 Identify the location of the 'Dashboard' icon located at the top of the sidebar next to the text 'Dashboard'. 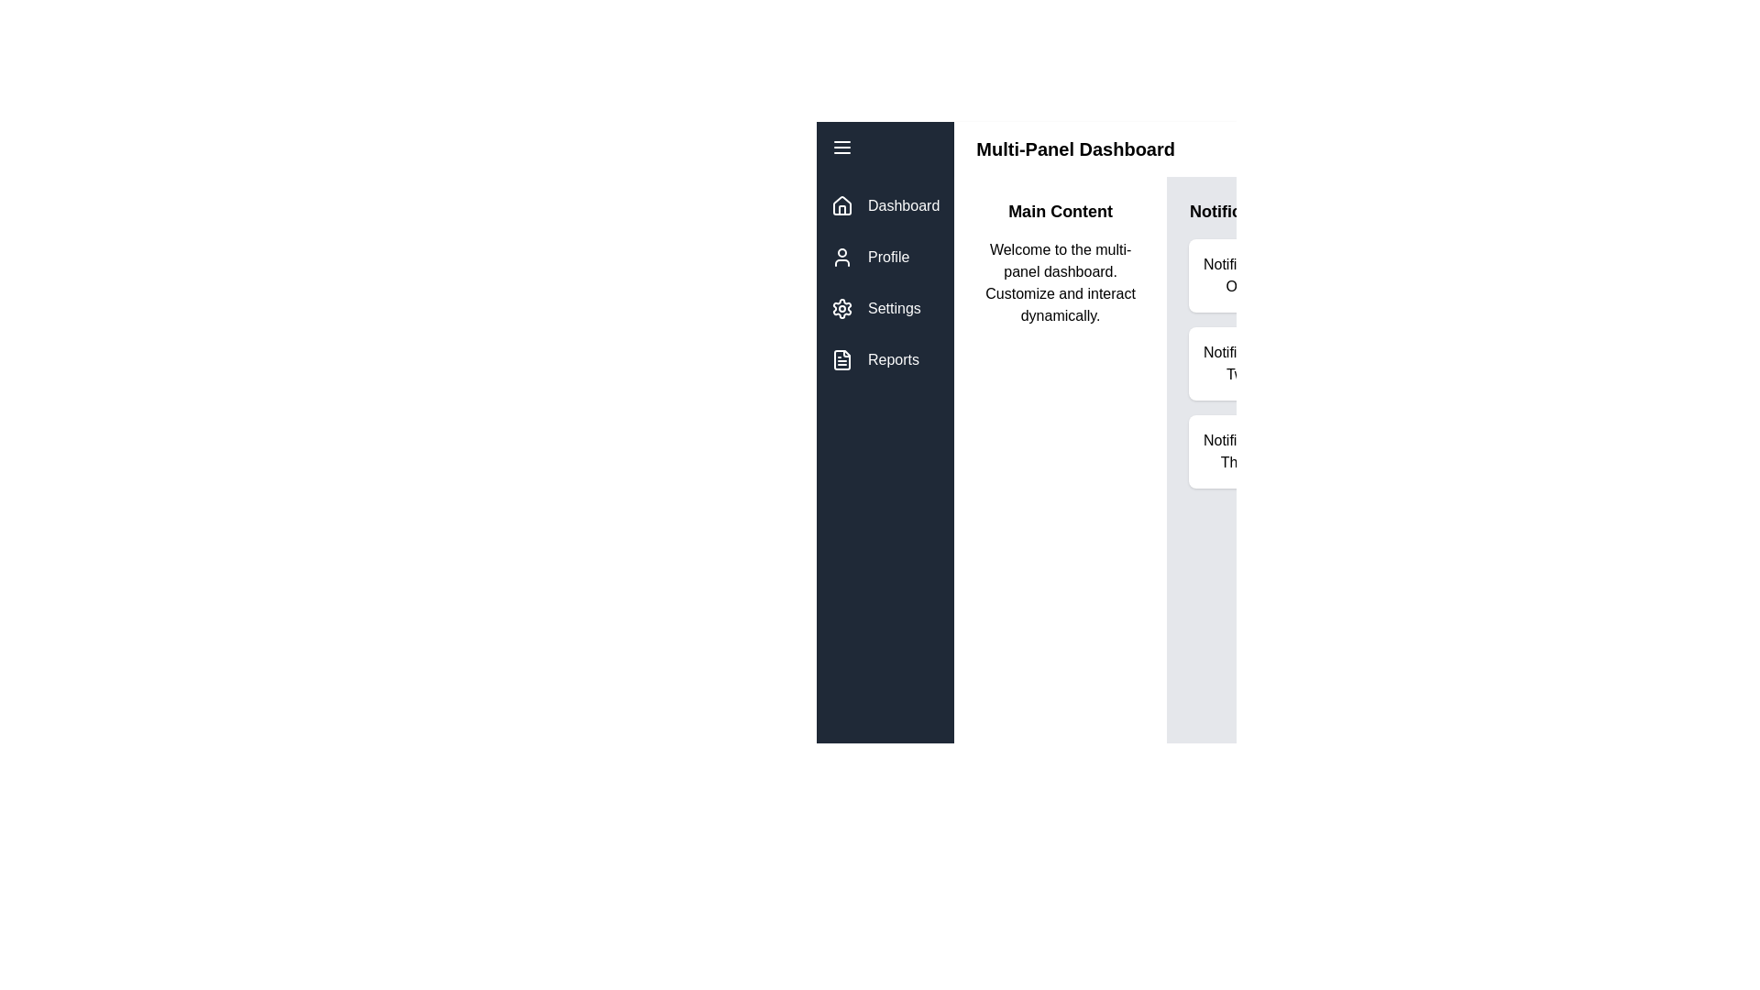
(841, 204).